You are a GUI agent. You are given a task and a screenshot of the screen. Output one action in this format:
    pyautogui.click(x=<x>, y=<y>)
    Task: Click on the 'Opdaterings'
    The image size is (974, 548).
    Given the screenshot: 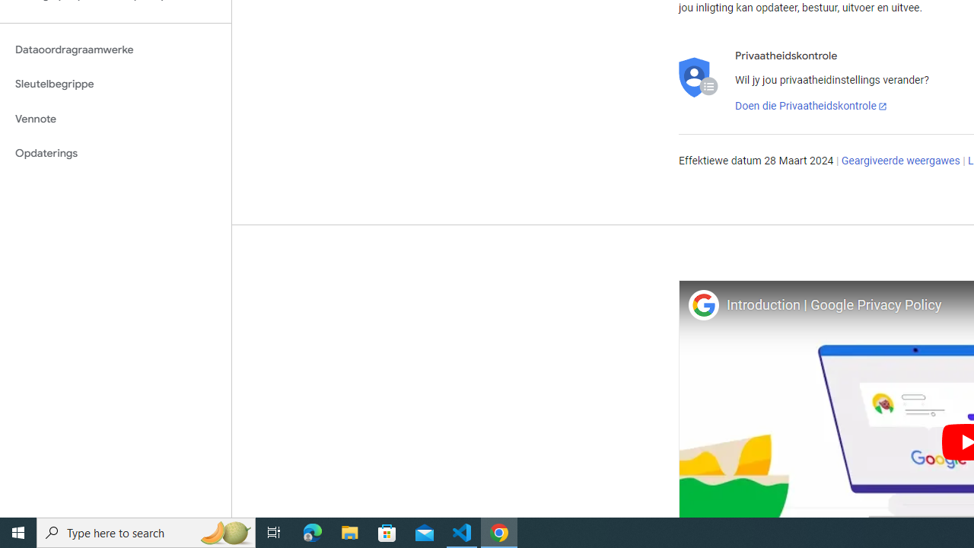 What is the action you would take?
    pyautogui.click(x=115, y=153)
    